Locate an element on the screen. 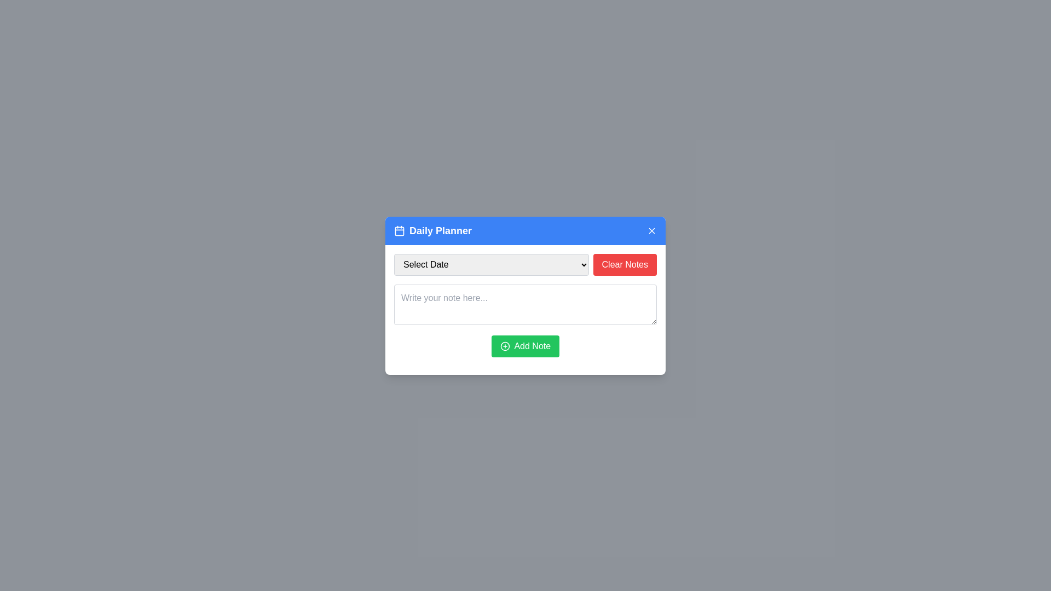  the 'Daily Planner' text with the calendar icon in the blue header bar of the modal dialog is located at coordinates (432, 230).